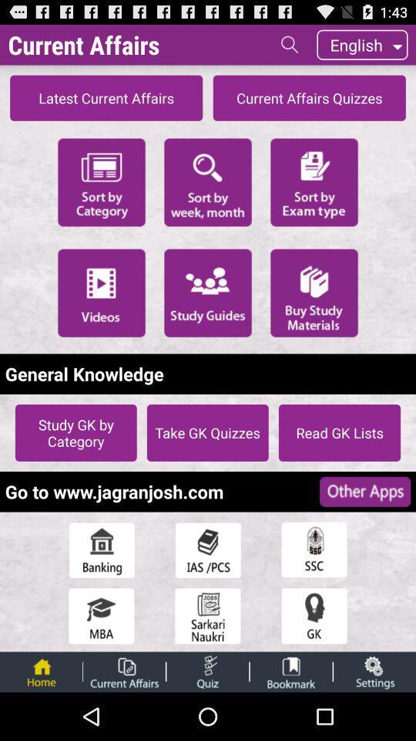 Image resolution: width=416 pixels, height=741 pixels. I want to click on initiate study guides, so click(208, 292).